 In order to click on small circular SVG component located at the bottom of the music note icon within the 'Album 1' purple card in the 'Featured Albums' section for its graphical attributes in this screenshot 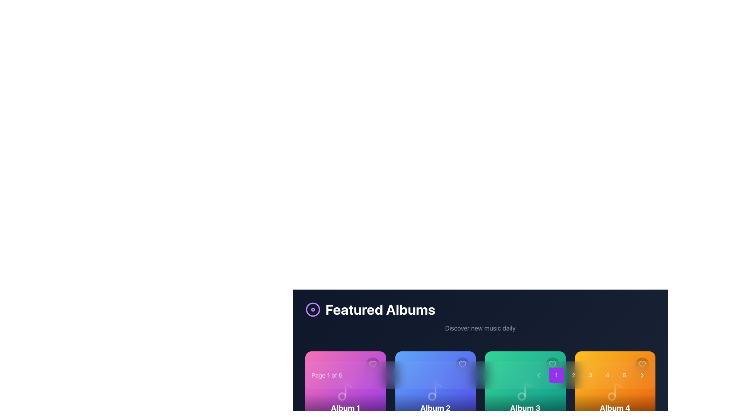, I will do `click(342, 397)`.